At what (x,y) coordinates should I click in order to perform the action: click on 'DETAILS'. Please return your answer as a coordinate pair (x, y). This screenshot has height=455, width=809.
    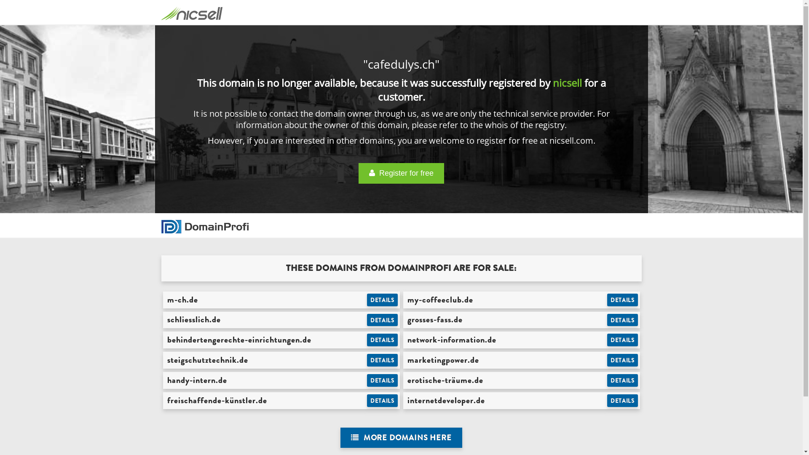
    Looking at the image, I should click on (382, 380).